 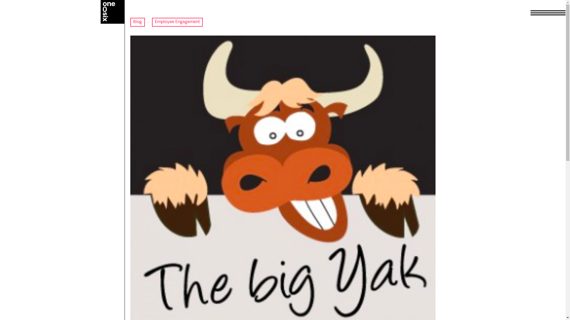 I want to click on 'Employee Engagement', so click(x=177, y=22).